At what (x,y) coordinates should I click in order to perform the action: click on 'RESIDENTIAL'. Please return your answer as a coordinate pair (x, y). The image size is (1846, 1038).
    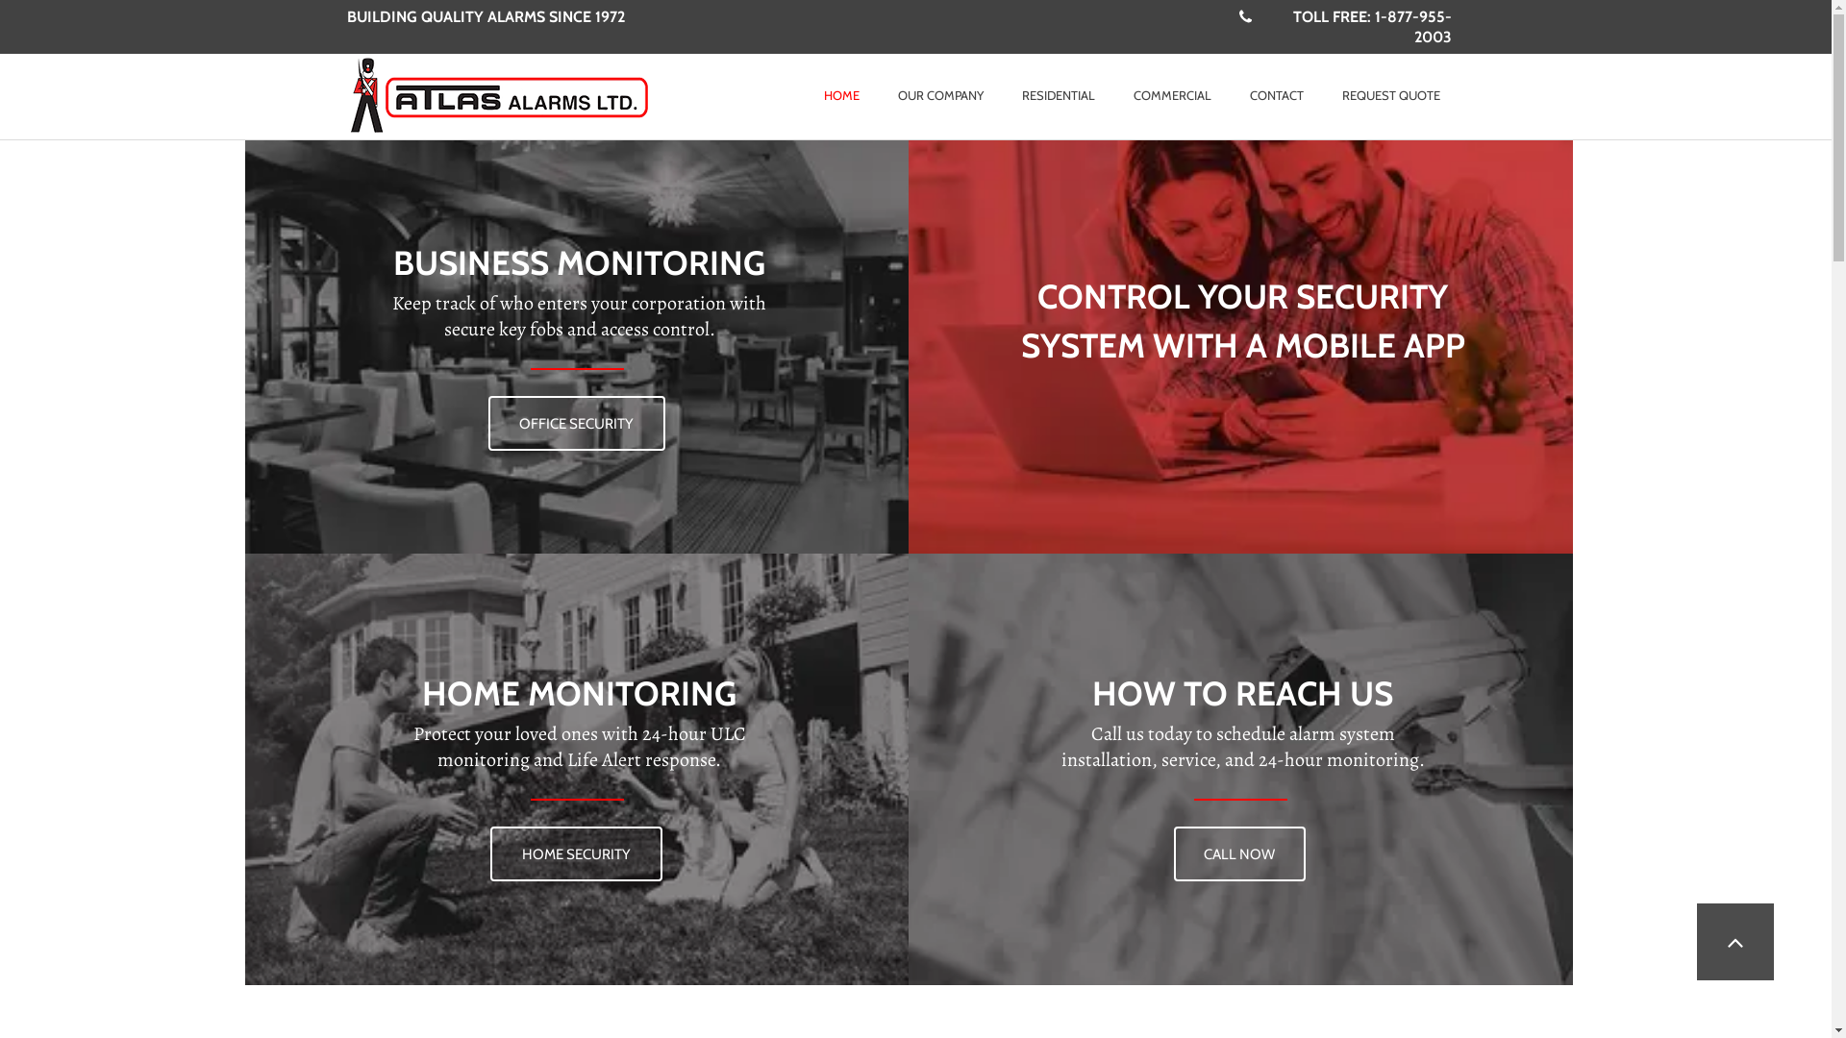
    Looking at the image, I should click on (1057, 95).